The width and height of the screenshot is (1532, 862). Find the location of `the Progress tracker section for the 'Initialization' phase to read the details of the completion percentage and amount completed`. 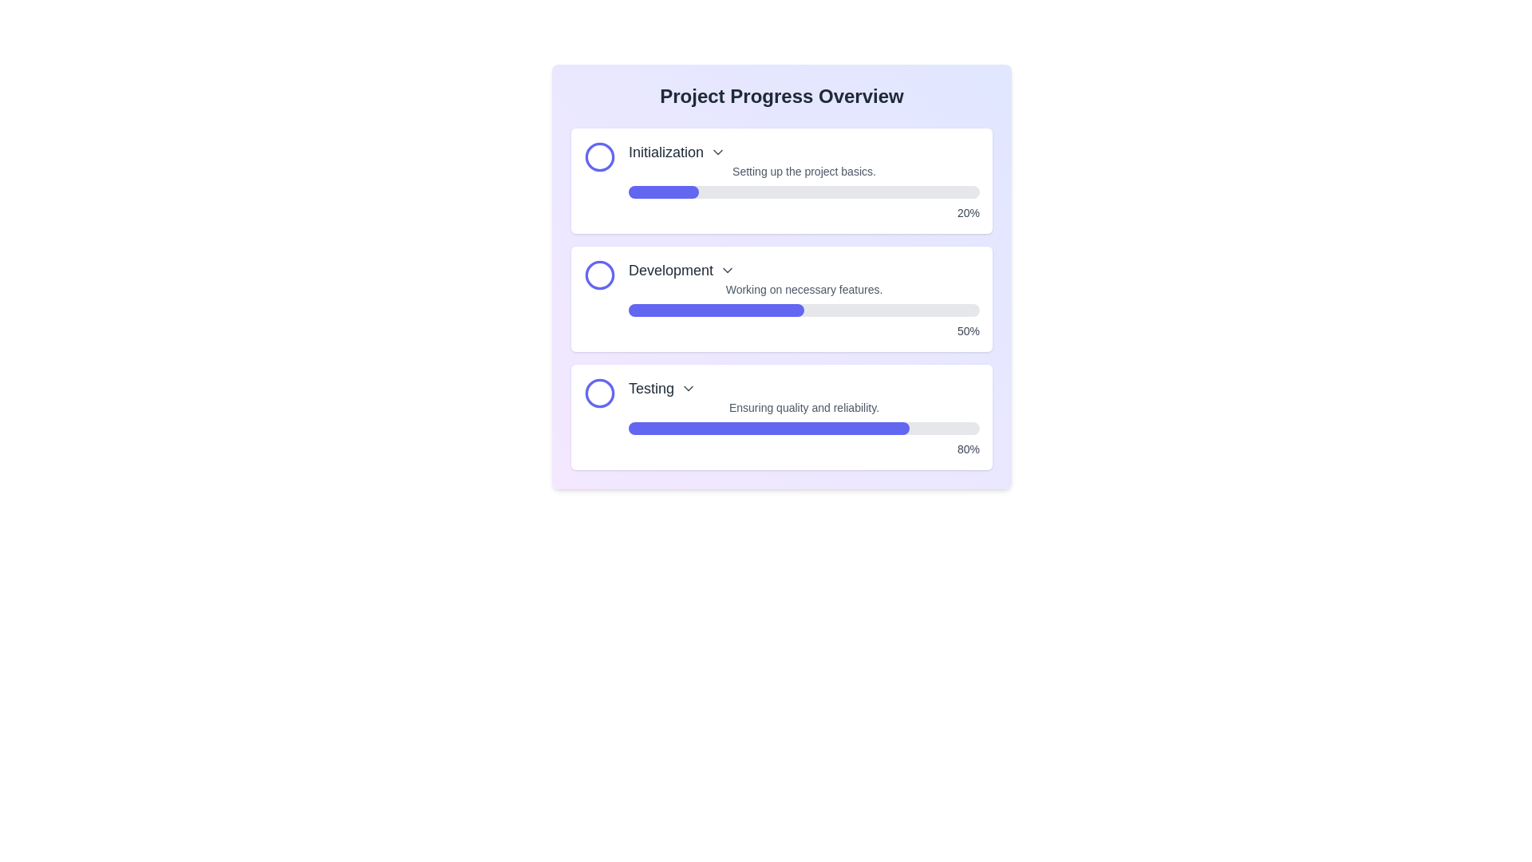

the Progress tracker section for the 'Initialization' phase to read the details of the completion percentage and amount completed is located at coordinates (804, 180).